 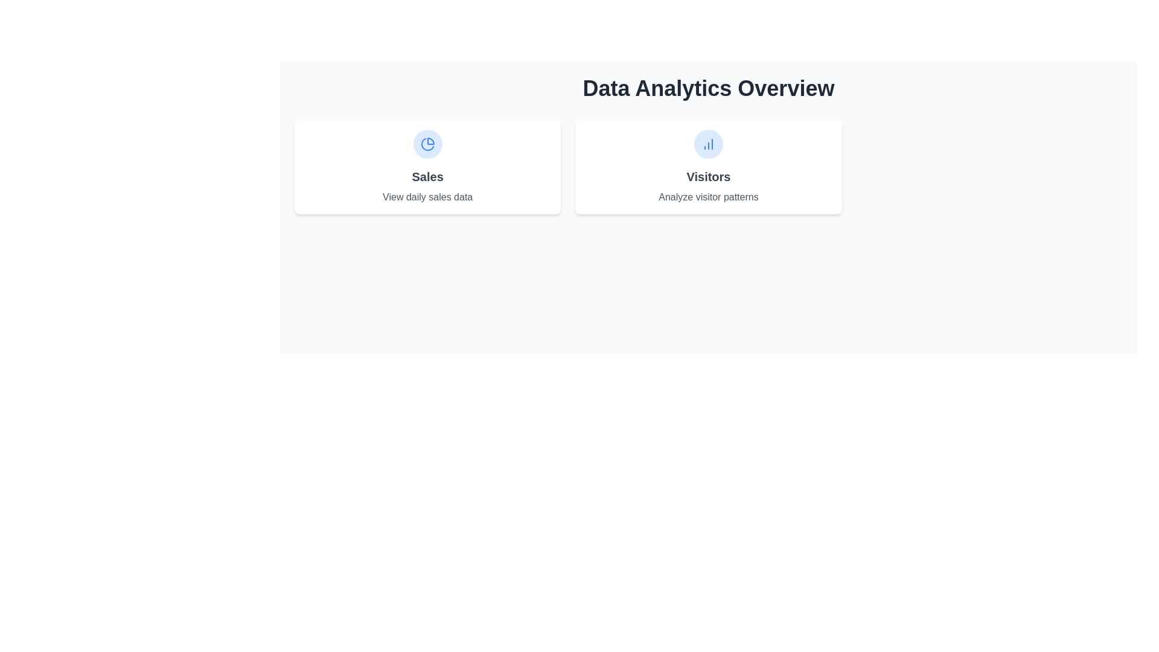 What do you see at coordinates (709, 167) in the screenshot?
I see `the second informational card from the left in the row, which provides an overview for analyzing visitor patterns` at bounding box center [709, 167].